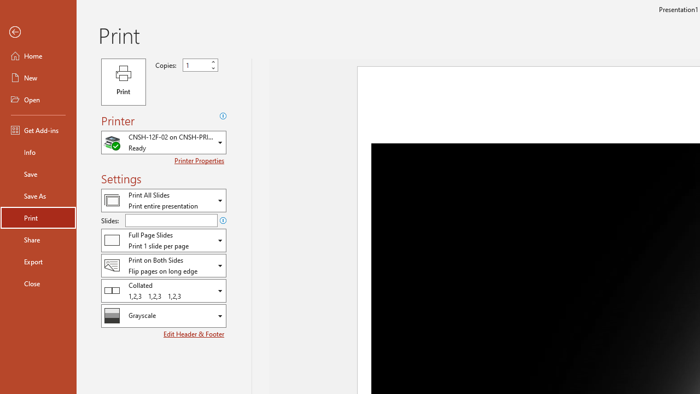 The width and height of the screenshot is (700, 394). Describe the element at coordinates (38, 218) in the screenshot. I see `'Print'` at that location.